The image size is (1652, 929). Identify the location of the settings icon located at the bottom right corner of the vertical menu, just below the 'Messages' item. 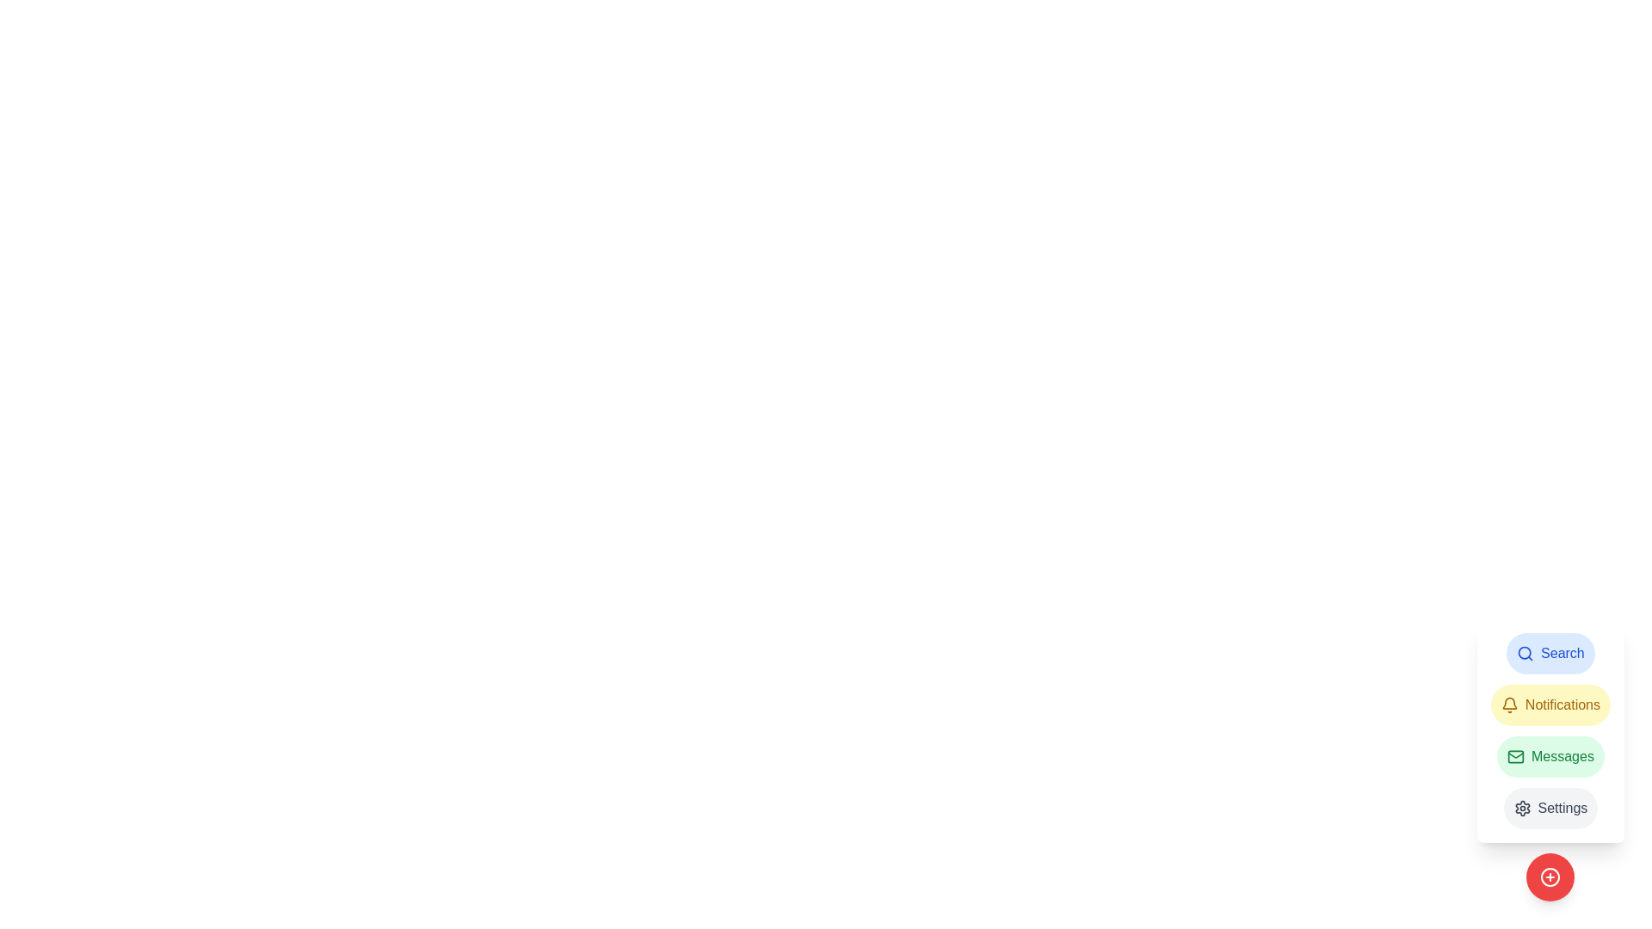
(1522, 809).